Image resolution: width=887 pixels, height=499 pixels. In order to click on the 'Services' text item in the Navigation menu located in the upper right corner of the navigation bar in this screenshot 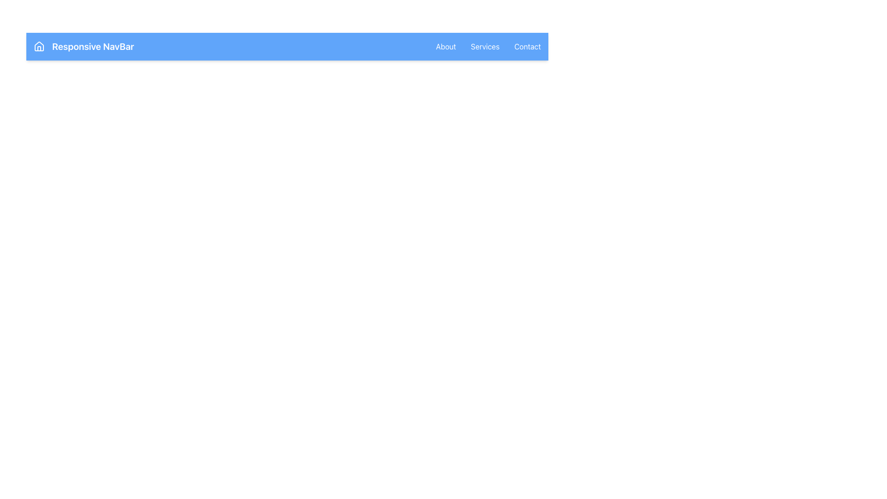, I will do `click(488, 46)`.